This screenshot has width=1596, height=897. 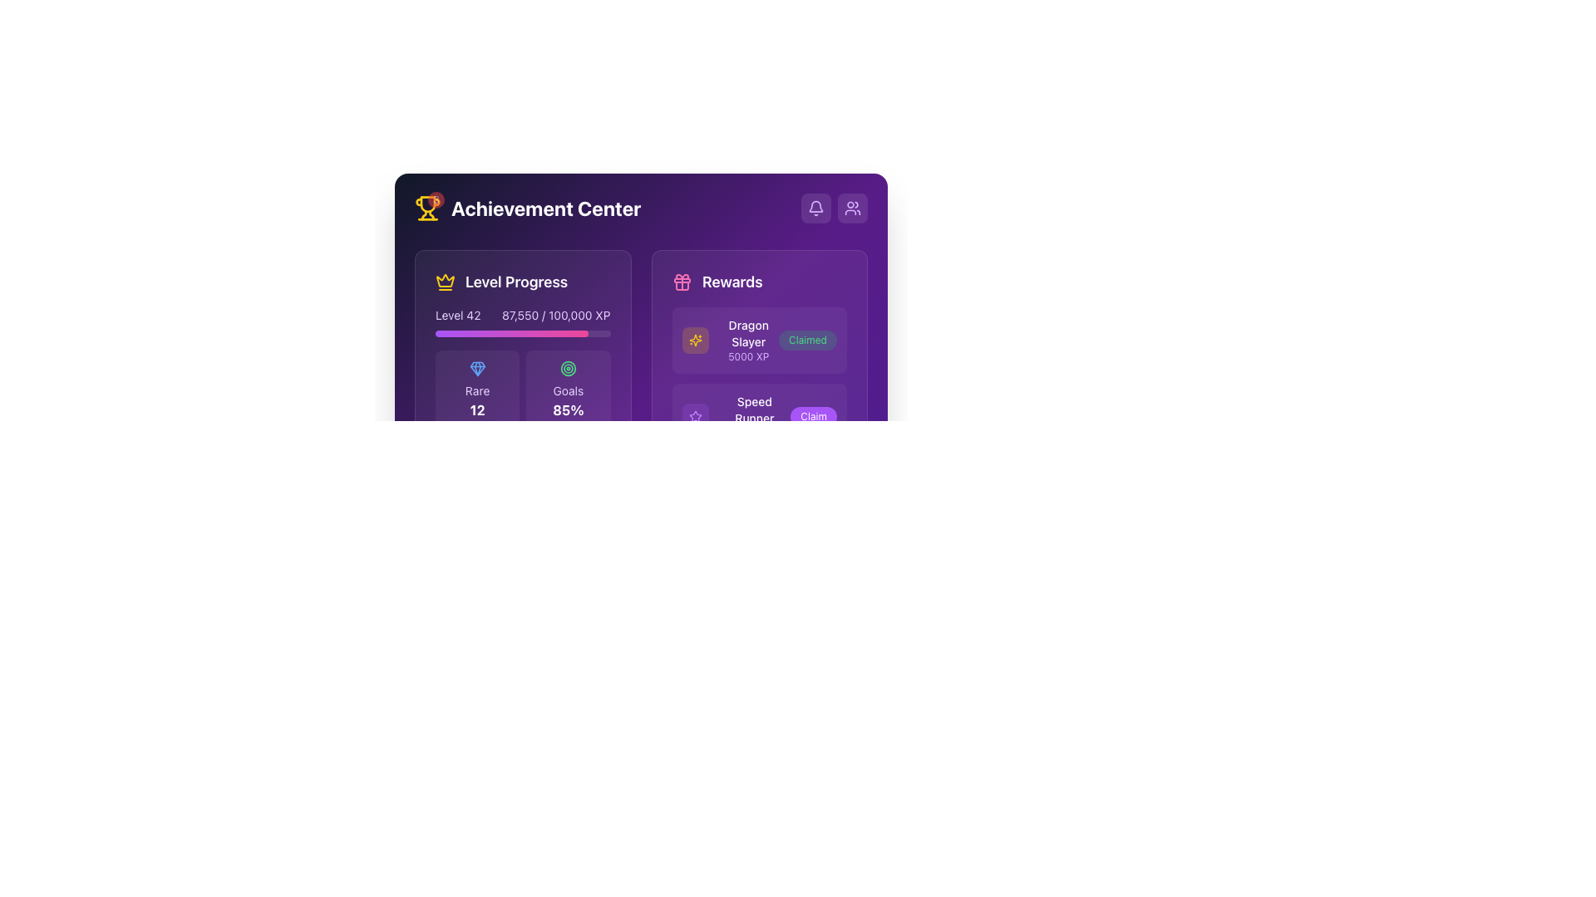 What do you see at coordinates (695, 339) in the screenshot?
I see `the SVG icon styled as a starburst or sparkles located in the top-right corner of the 'Rewards' section, which is characterized by its yellow and orange hues against a light yellowish background` at bounding box center [695, 339].